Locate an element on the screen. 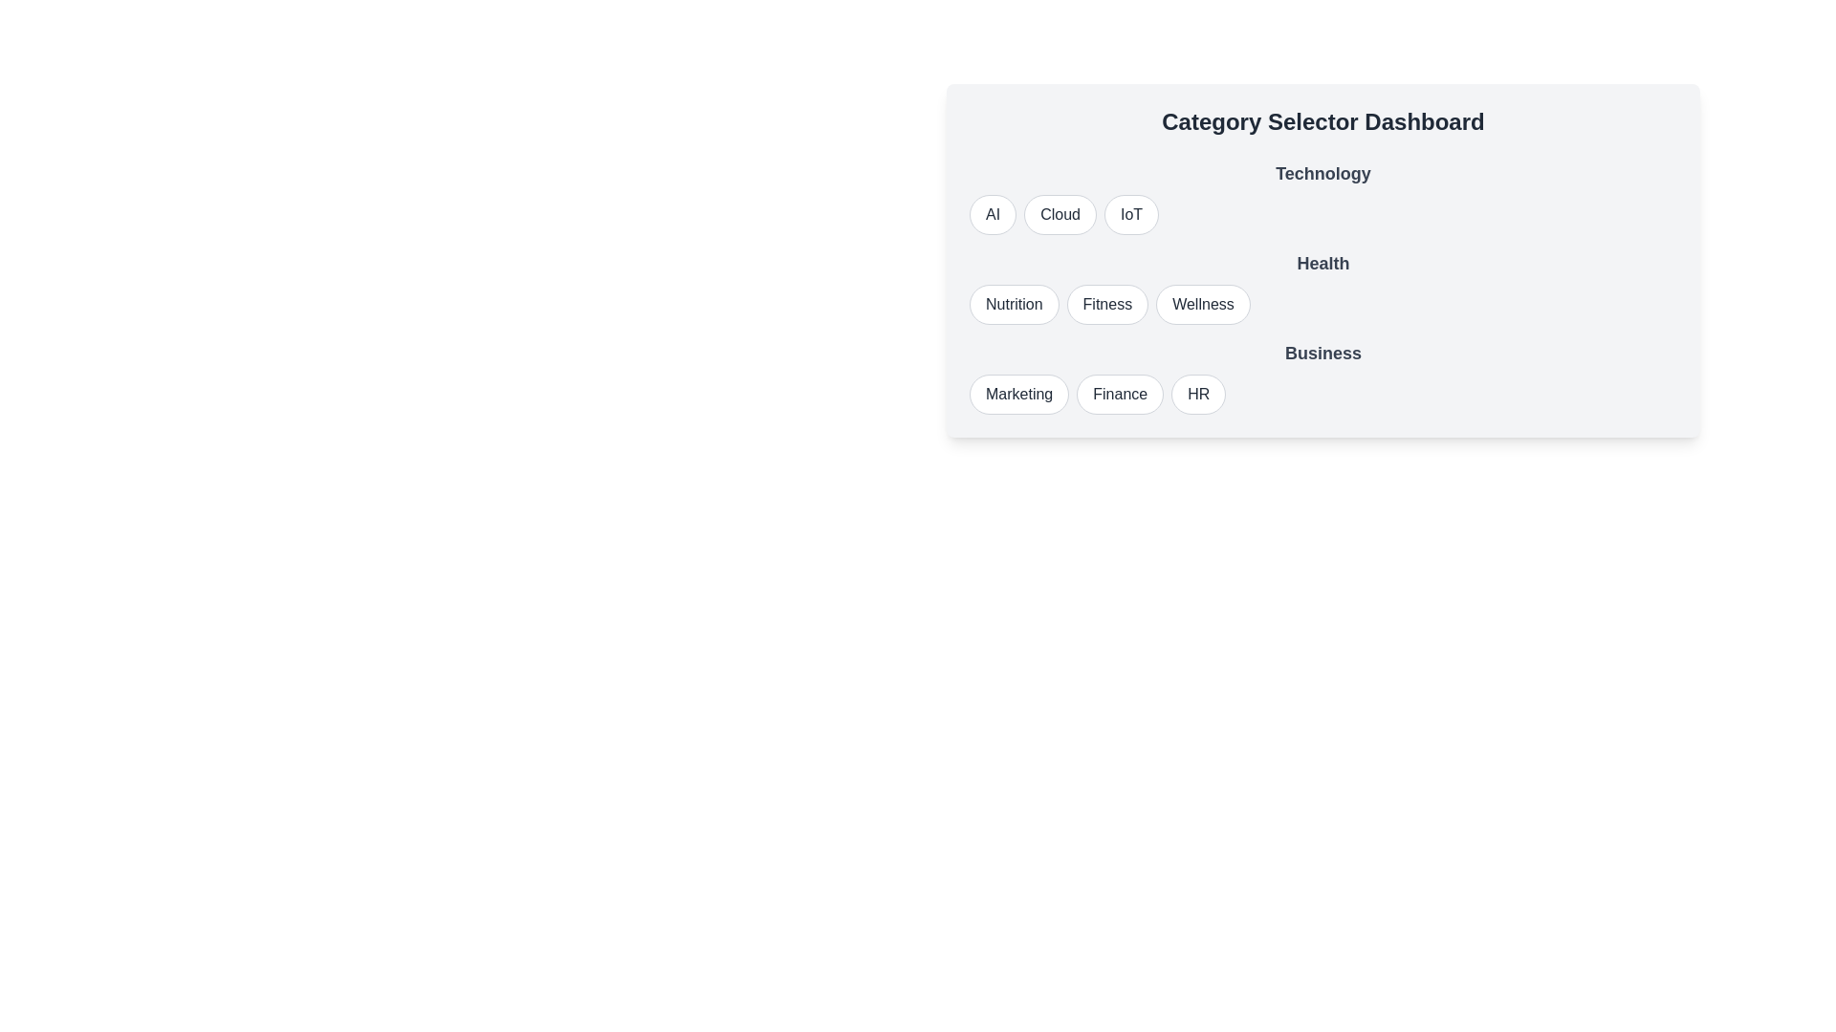 This screenshot has height=1032, width=1836. the option Cloud from the category Technology is located at coordinates (1059, 214).